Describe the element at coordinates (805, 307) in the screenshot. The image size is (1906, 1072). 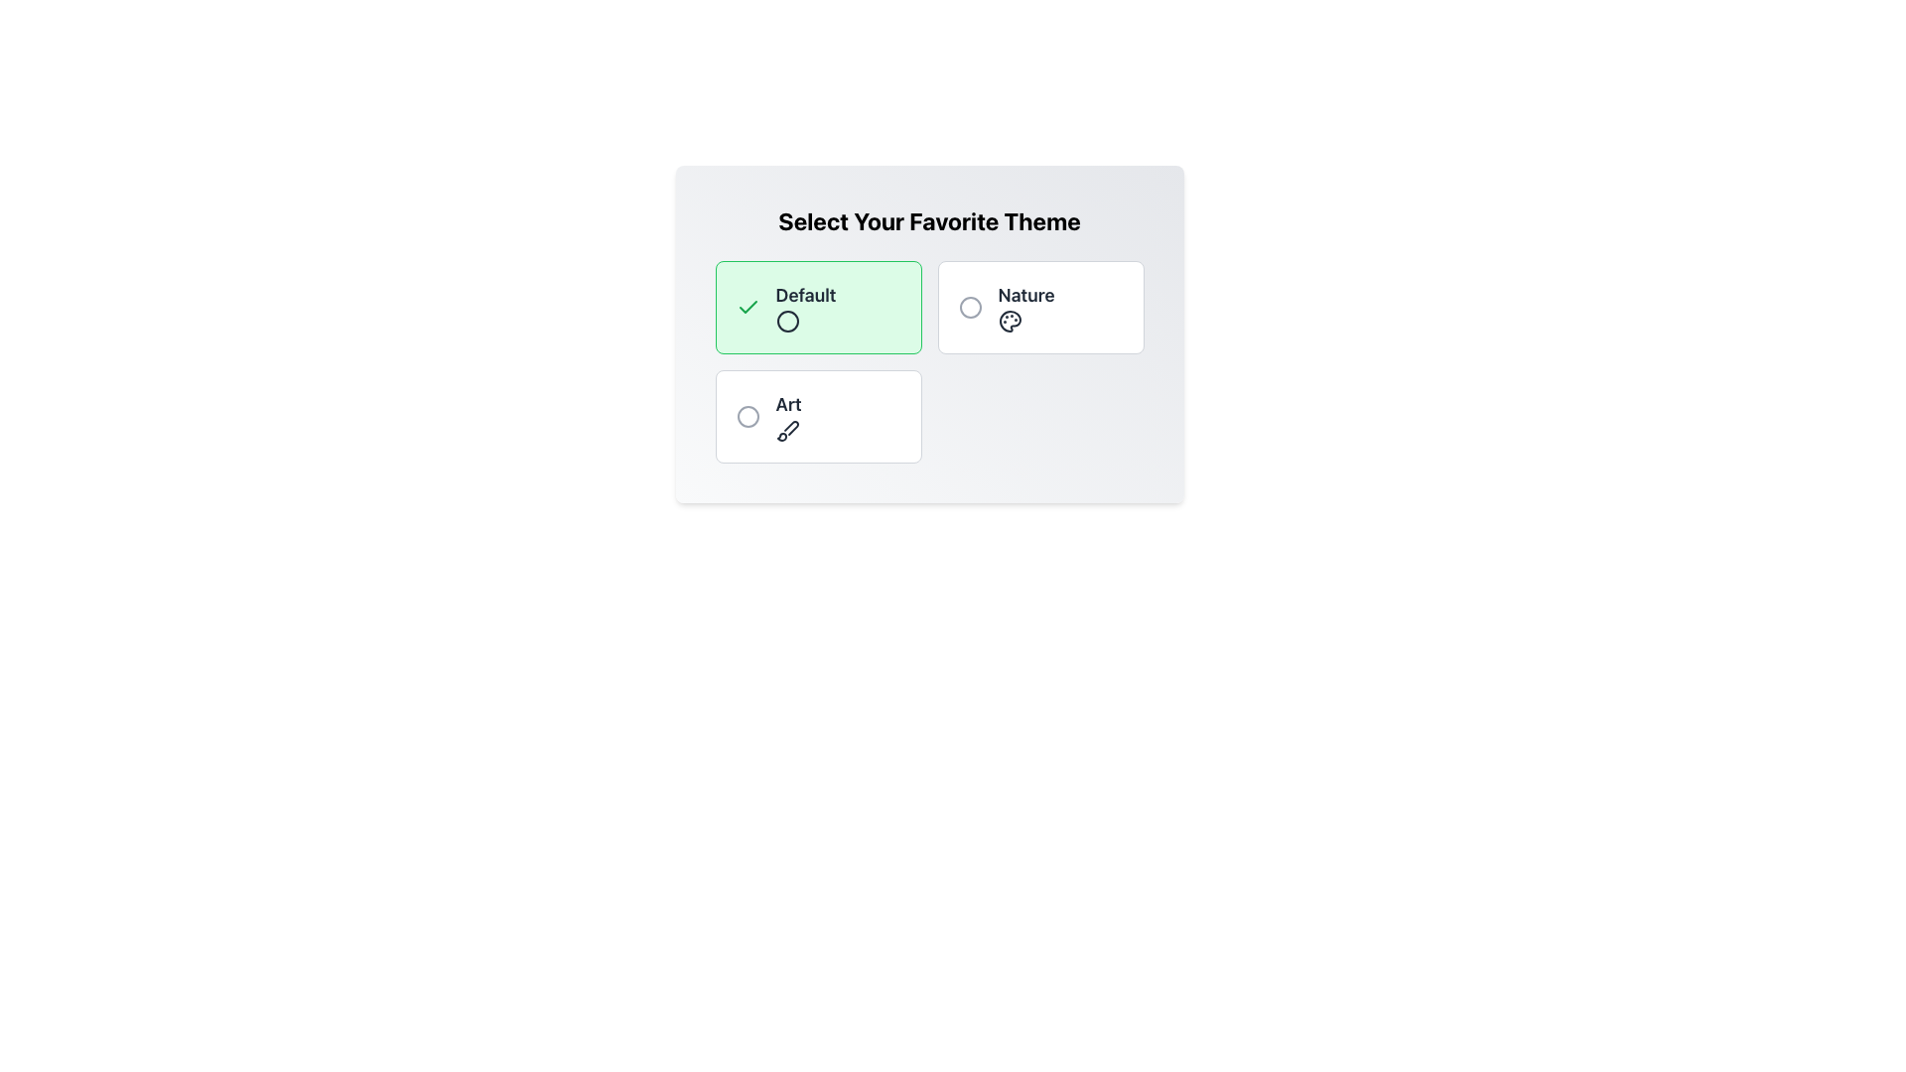
I see `the 'Default' theme label located in the top-left box of the 'Select Your Favorite Theme' section, which is positioned directly above the circular icon` at that location.